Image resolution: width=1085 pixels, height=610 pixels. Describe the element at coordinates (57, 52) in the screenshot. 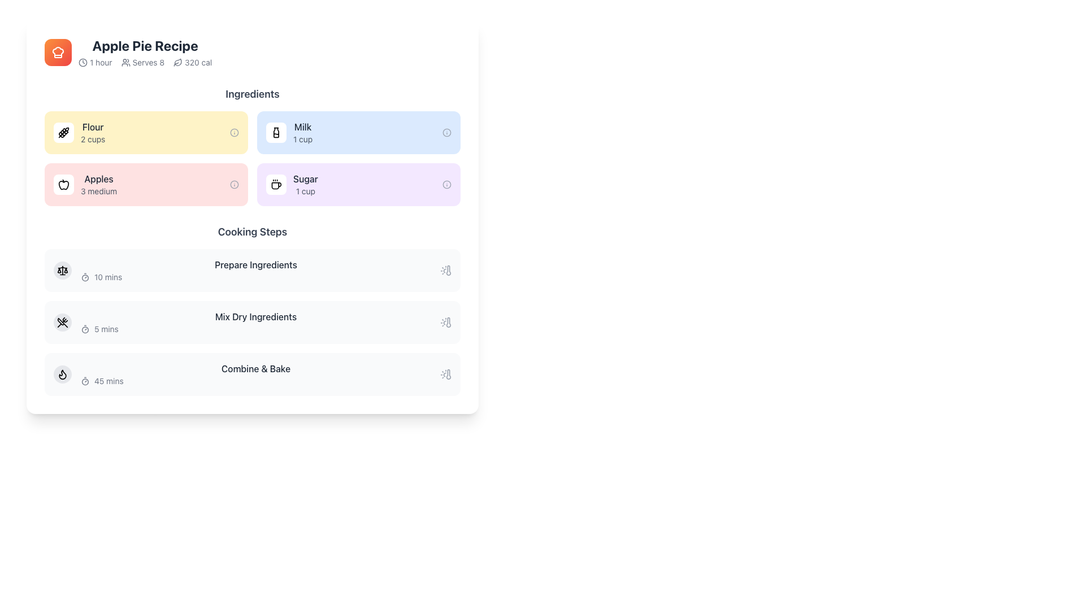

I see `SVG graphic resembling a chef's hat, which is white-colored and located to the left of the header 'Apple Pie Recipe'` at that location.